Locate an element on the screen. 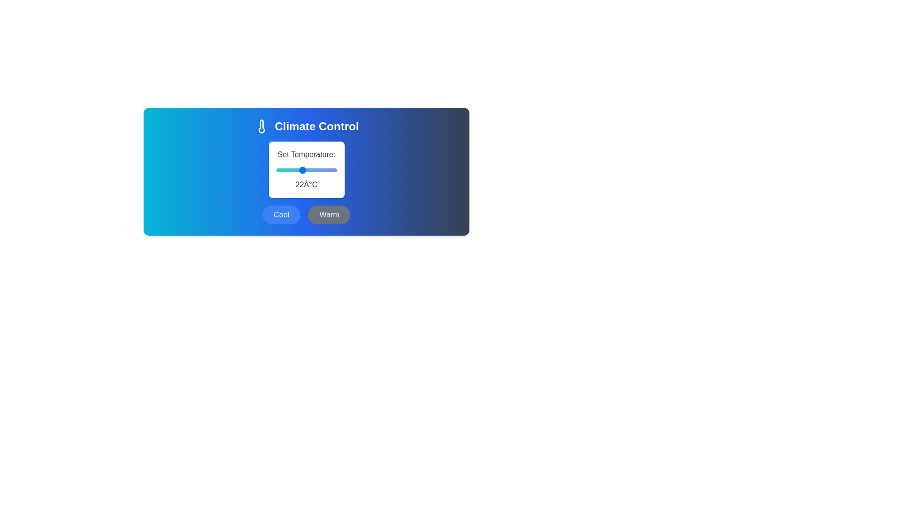  the interactive temperature control panel located centrally beneath the 'Climate Control' heading is located at coordinates (307, 172).